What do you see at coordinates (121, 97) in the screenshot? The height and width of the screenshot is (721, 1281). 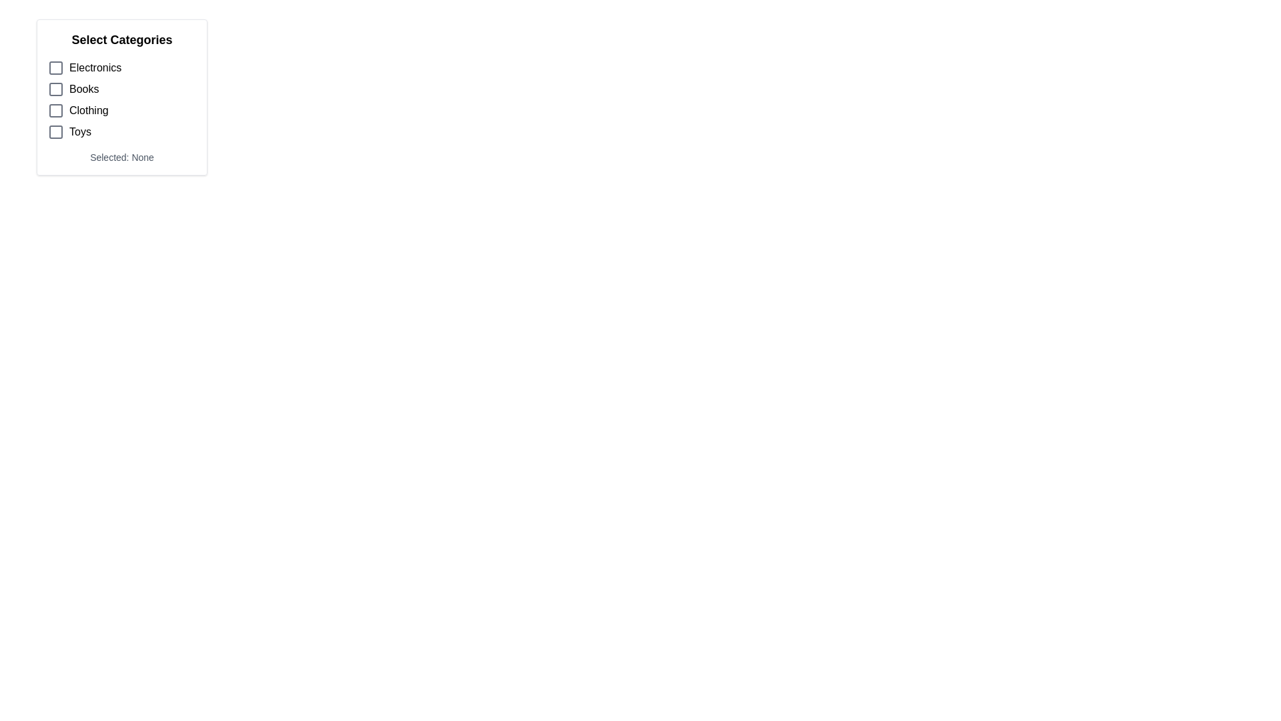 I see `the Group Box containing multiple clickable items` at bounding box center [121, 97].